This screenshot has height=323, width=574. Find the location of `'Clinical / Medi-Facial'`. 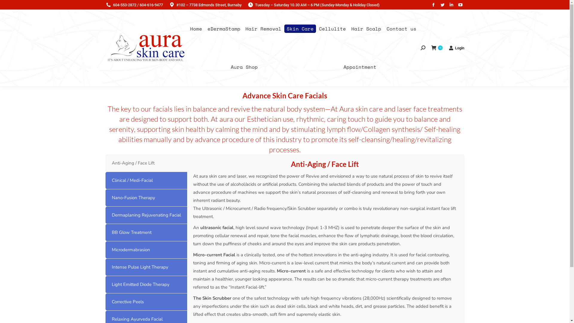

'Clinical / Medi-Facial' is located at coordinates (146, 180).